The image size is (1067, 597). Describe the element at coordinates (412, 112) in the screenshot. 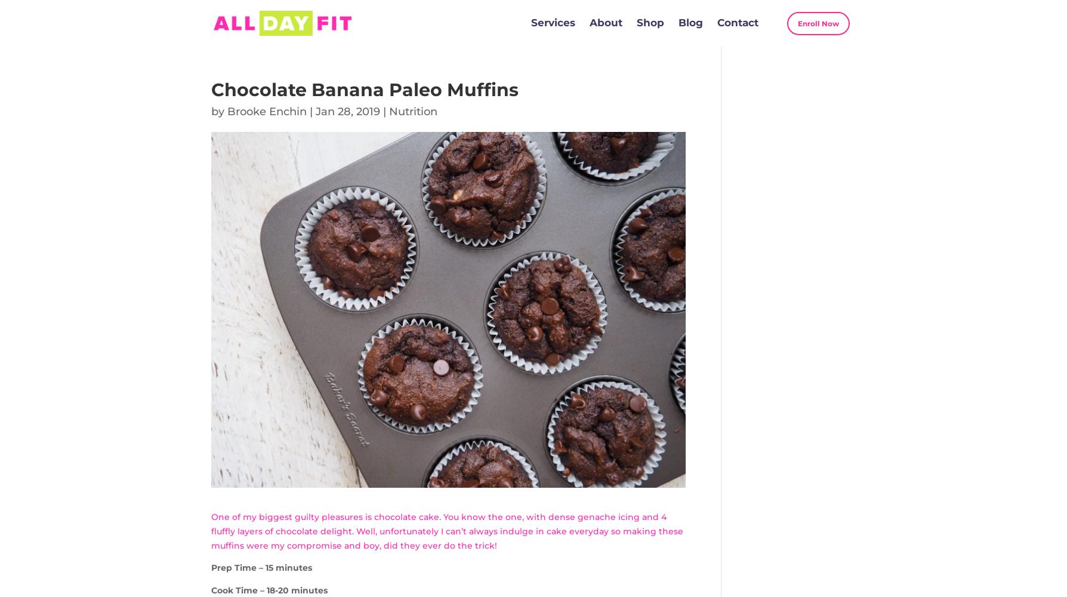

I see `'Nutrition'` at that location.